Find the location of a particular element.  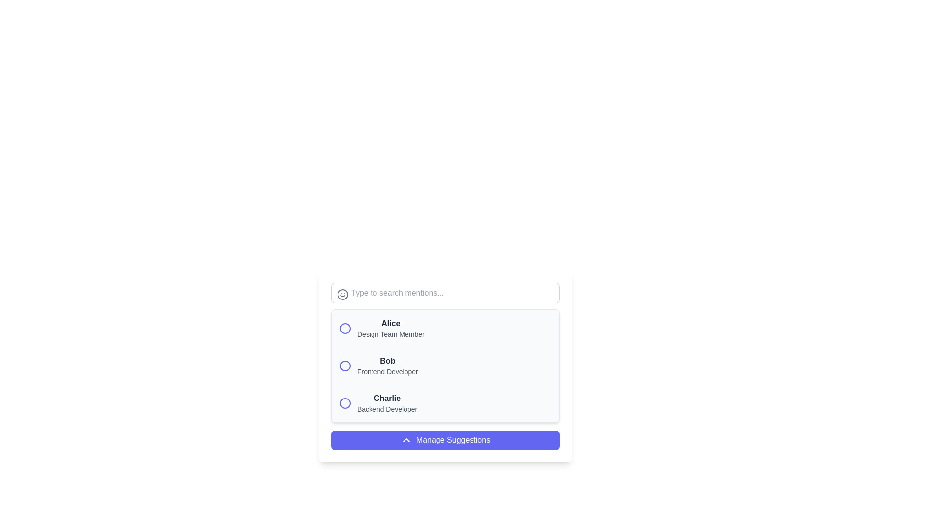

the text label displaying 'Design Team Member' in small, gray text positioned below 'Alice' in the list item is located at coordinates (390, 333).